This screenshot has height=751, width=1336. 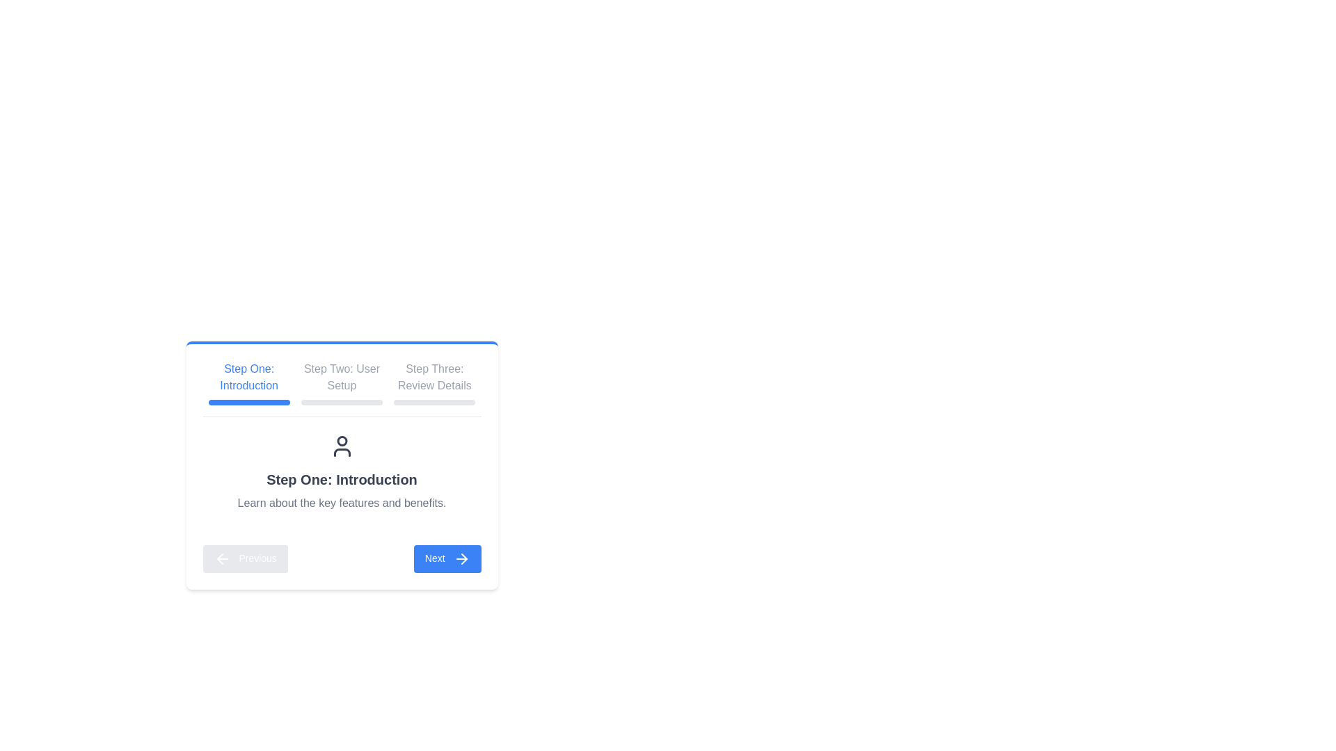 I want to click on the text label displaying 'Step Two: User Setup', which is positioned centrally in the sequence of step indicators at the top of the interface, so click(x=342, y=378).